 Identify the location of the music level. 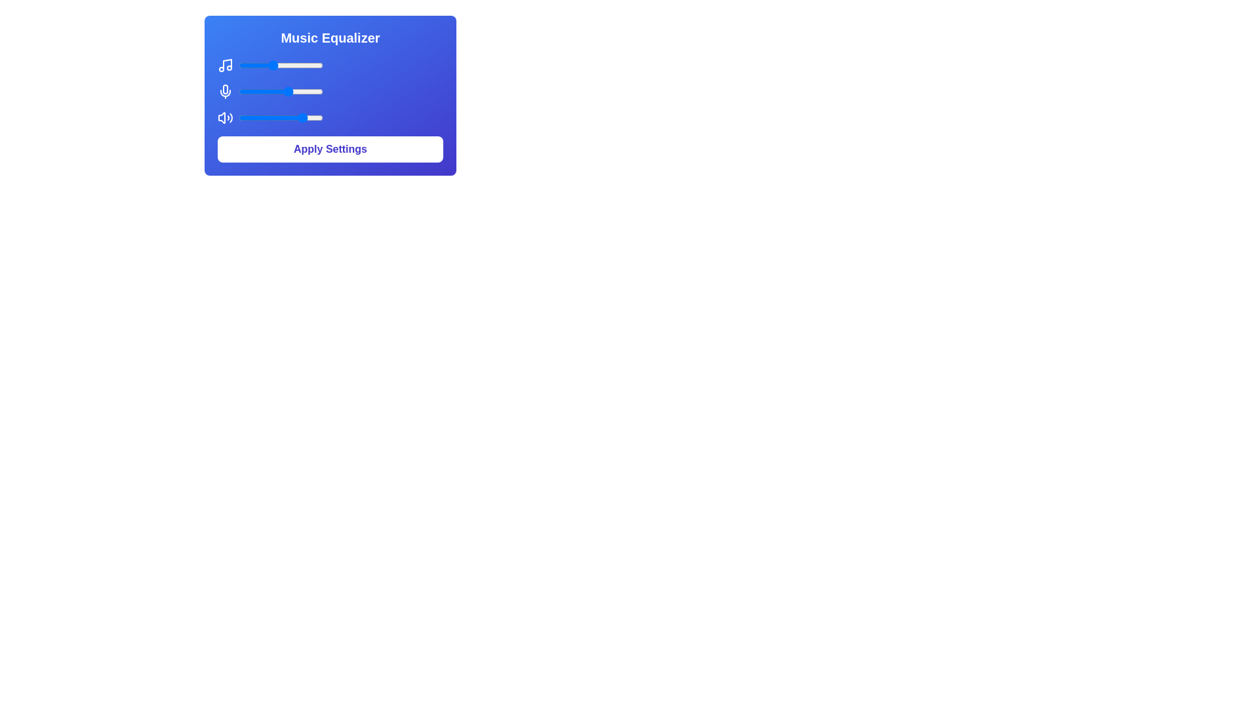
(312, 66).